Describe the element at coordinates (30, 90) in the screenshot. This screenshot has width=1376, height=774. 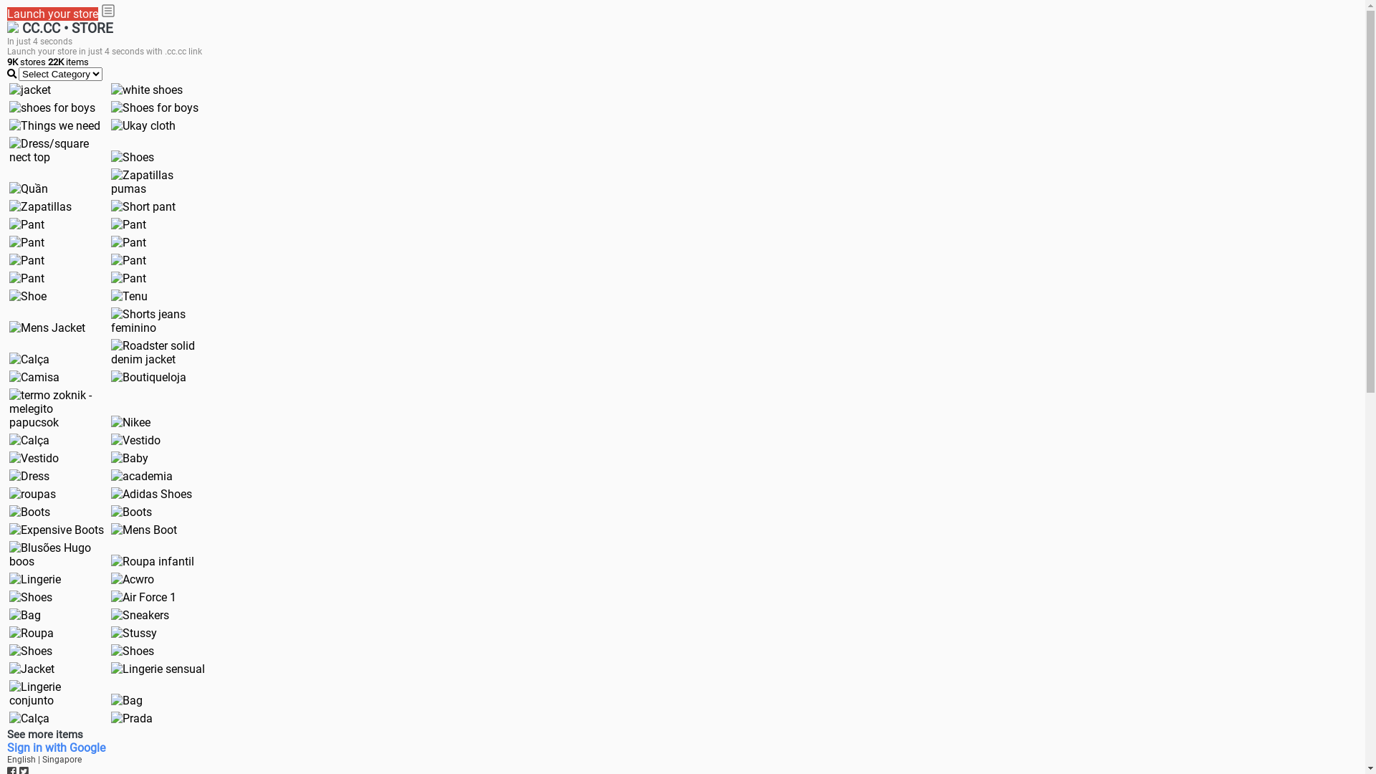
I see `'jacket'` at that location.